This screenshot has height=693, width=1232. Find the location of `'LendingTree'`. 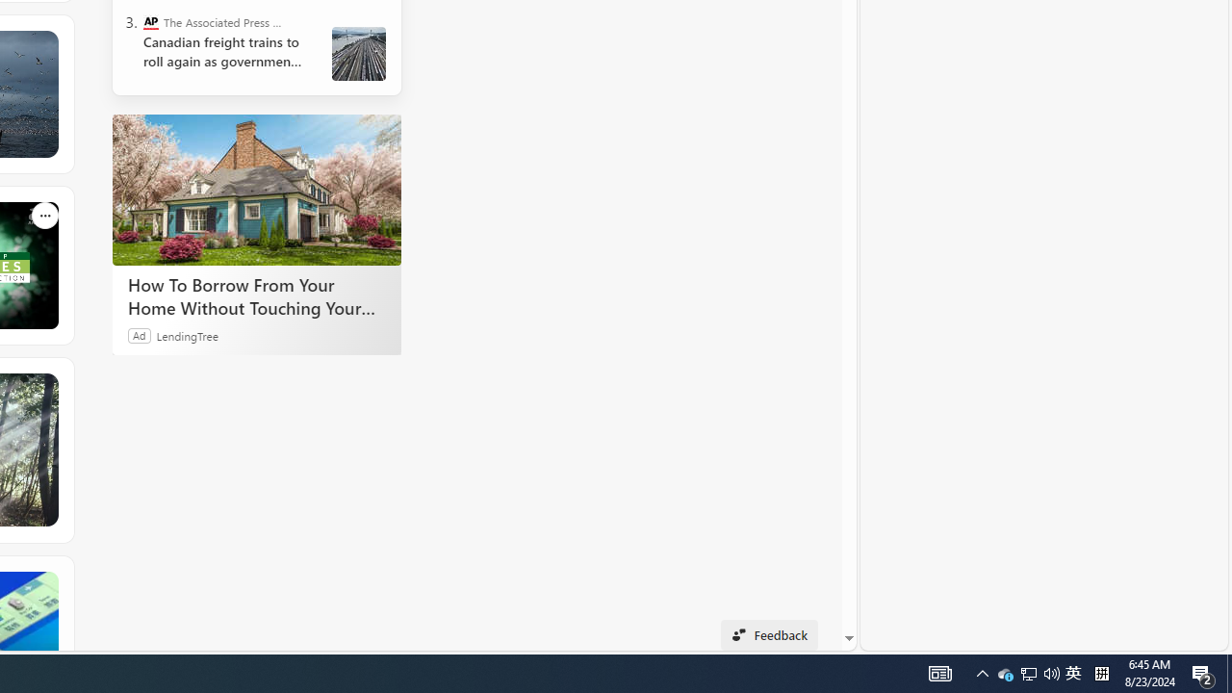

'LendingTree' is located at coordinates (188, 334).